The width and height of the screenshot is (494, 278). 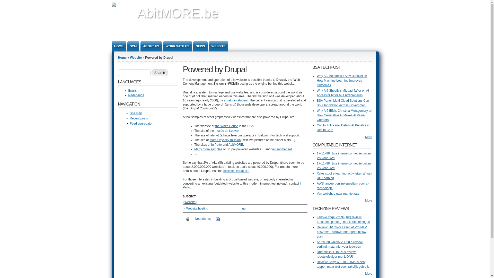 What do you see at coordinates (122, 57) in the screenshot?
I see `'Home'` at bounding box center [122, 57].